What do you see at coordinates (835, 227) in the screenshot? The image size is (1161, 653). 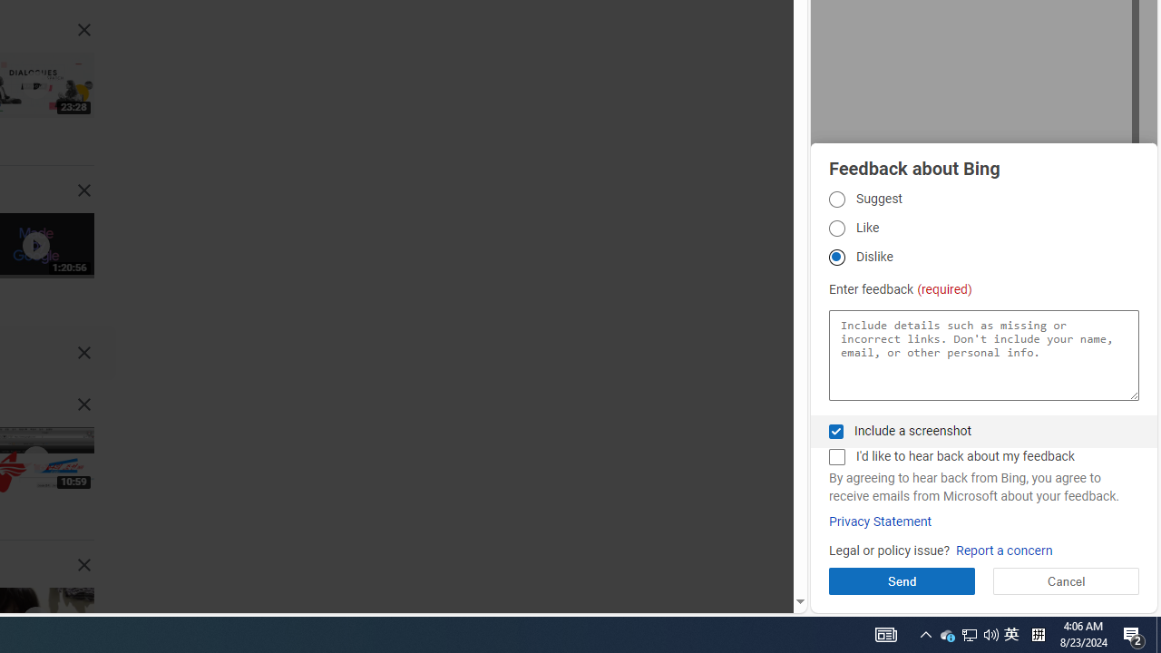 I see `'Like Like'` at bounding box center [835, 227].